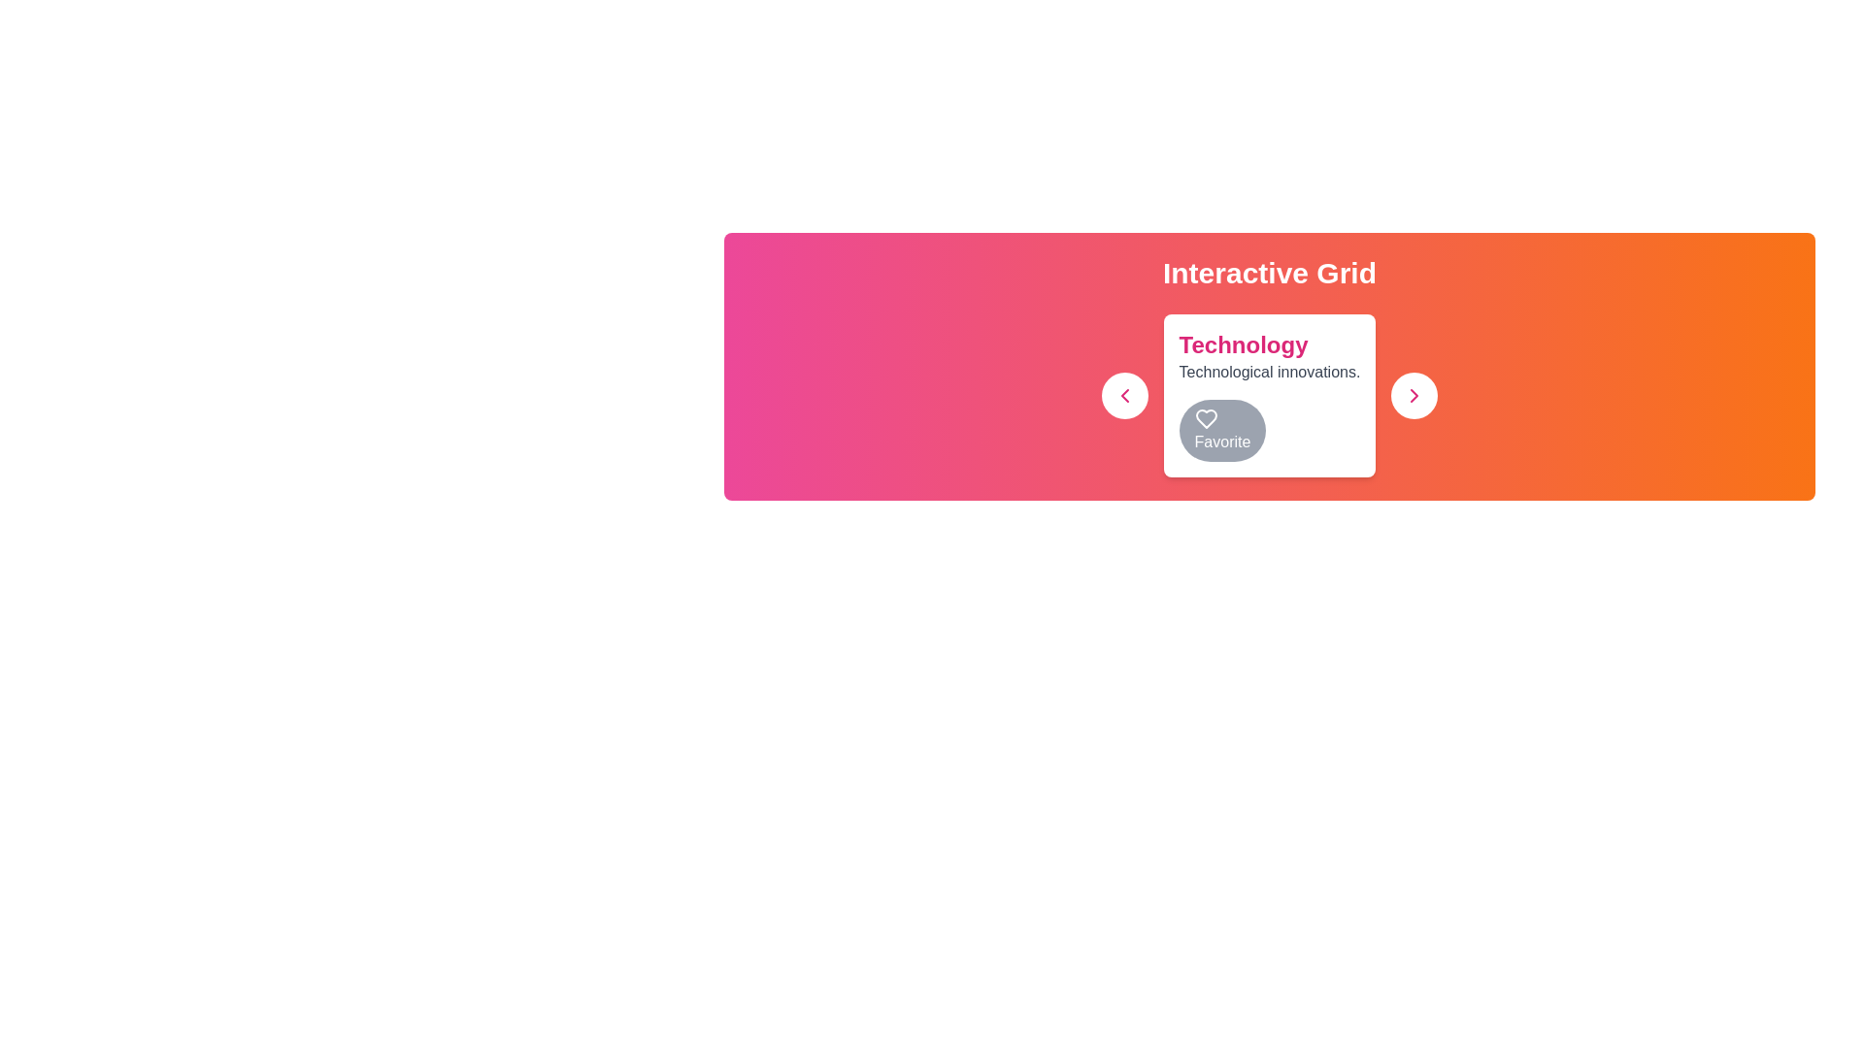  I want to click on the 'favorite' icon located at the center of the 'Favorite' button adjacent to the 'Technology' item in the interactive grid, so click(1205, 418).